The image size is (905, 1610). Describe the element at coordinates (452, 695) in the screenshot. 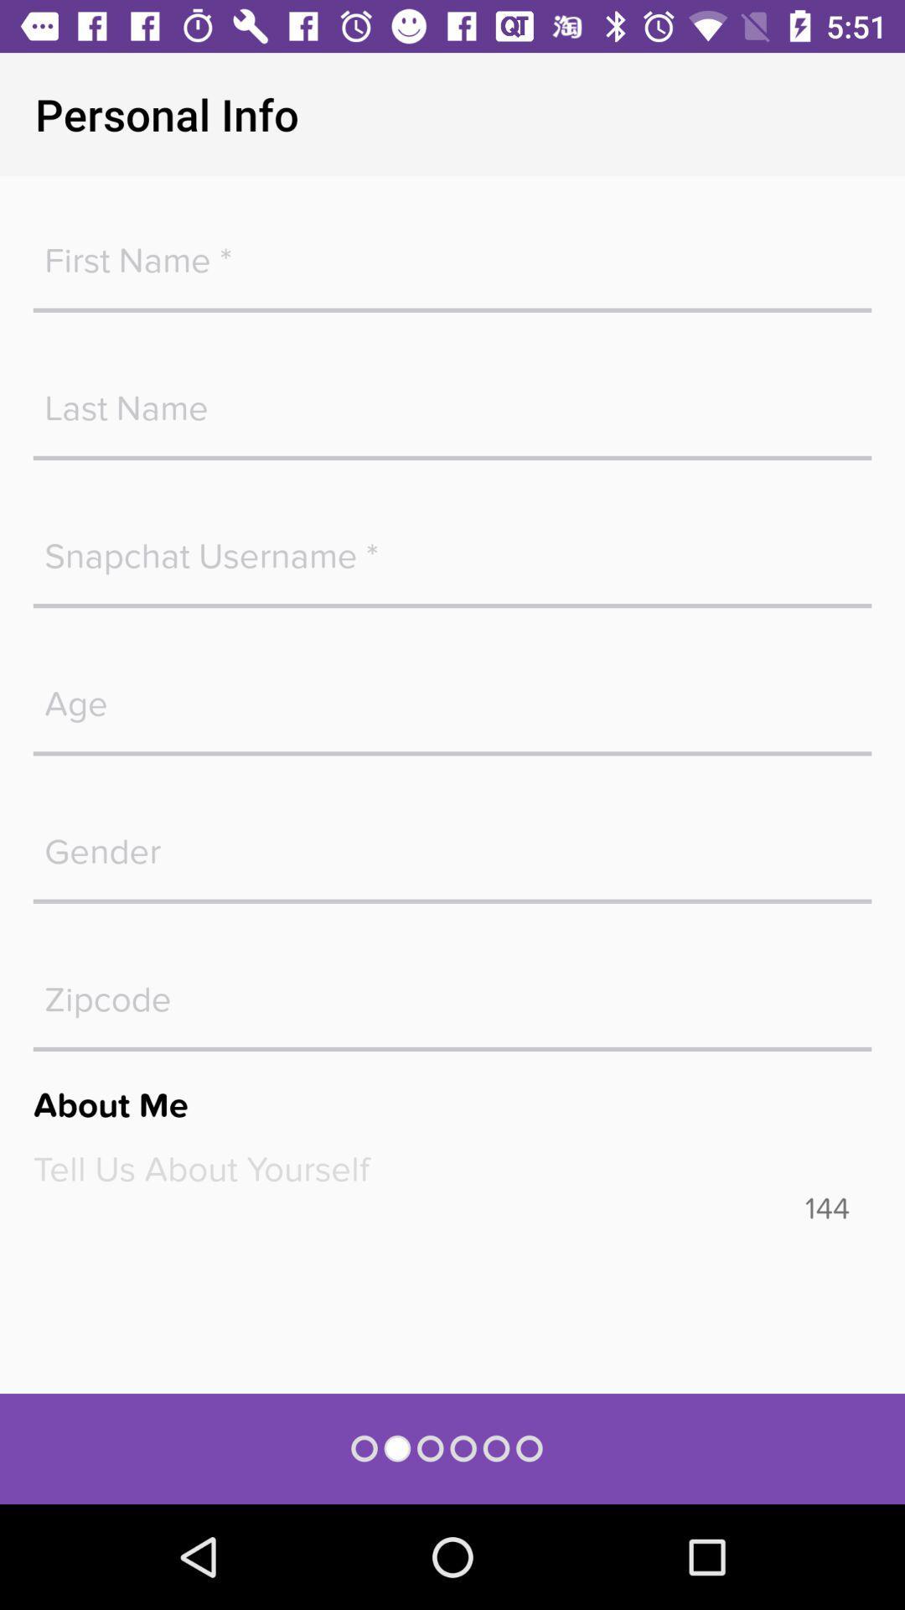

I see `age` at that location.